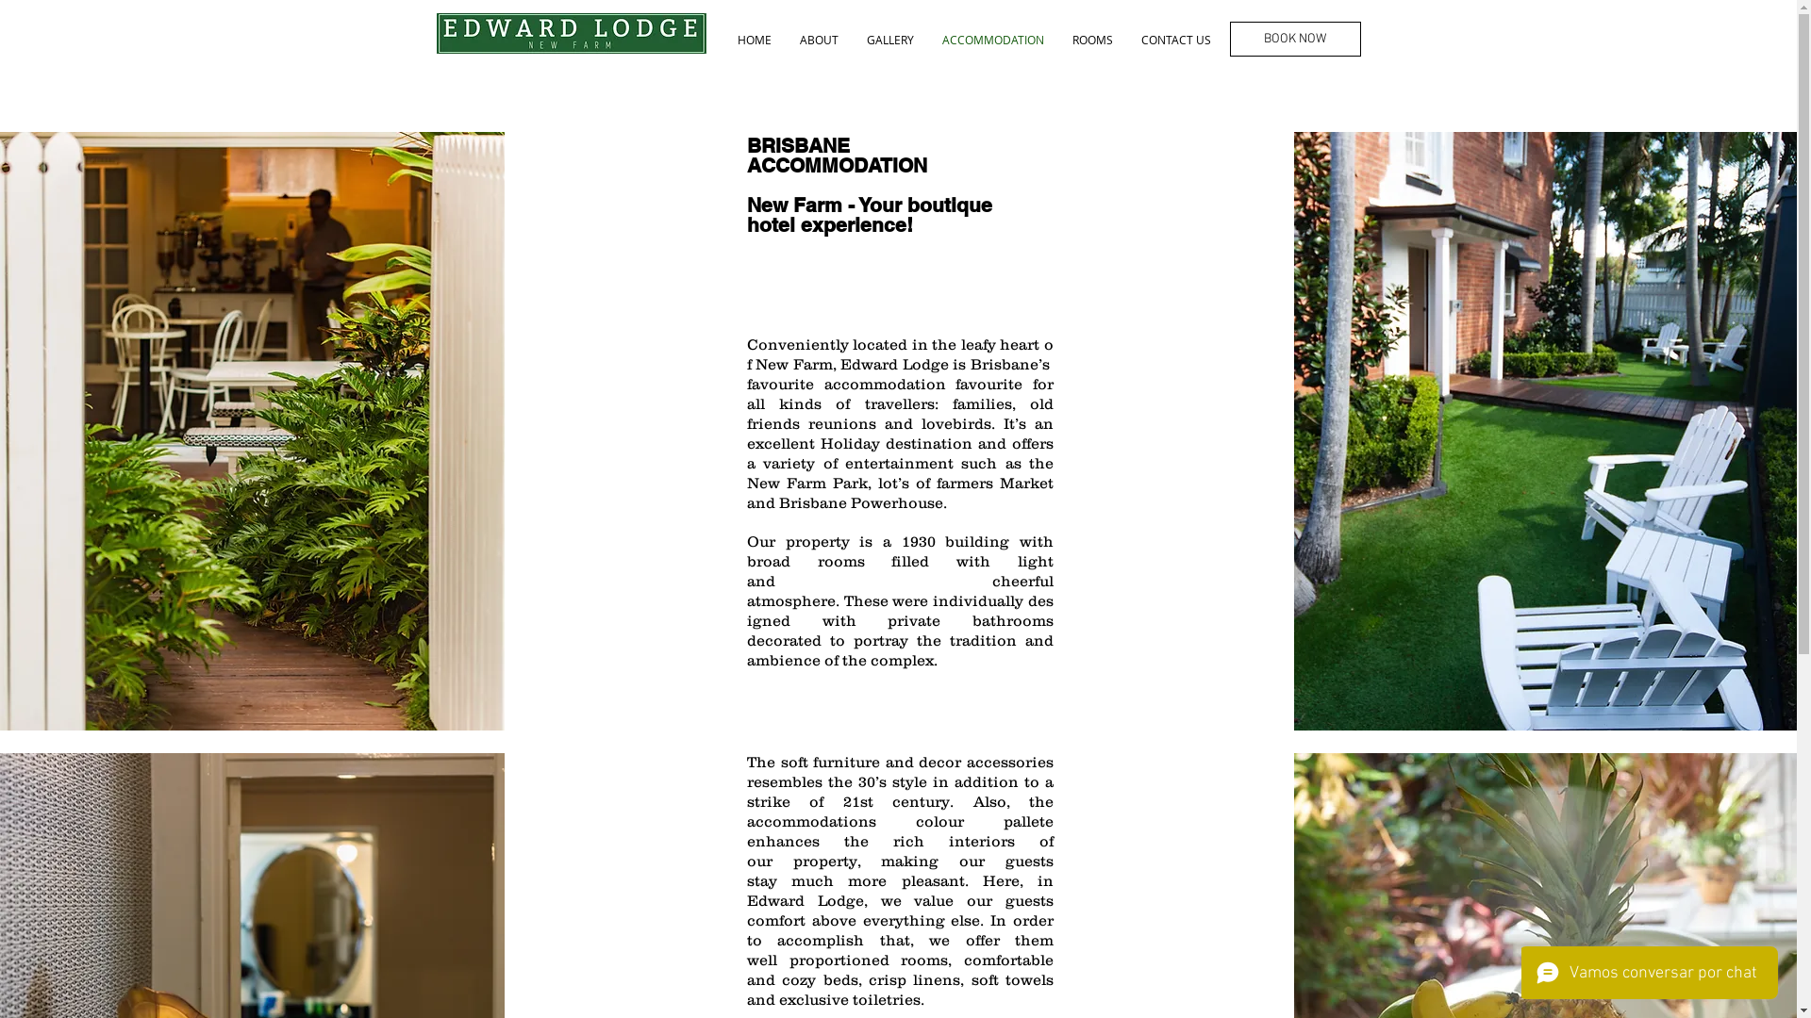 This screenshot has height=1018, width=1811. Describe the element at coordinates (927, 40) in the screenshot. I see `'ACCOMMODATION'` at that location.